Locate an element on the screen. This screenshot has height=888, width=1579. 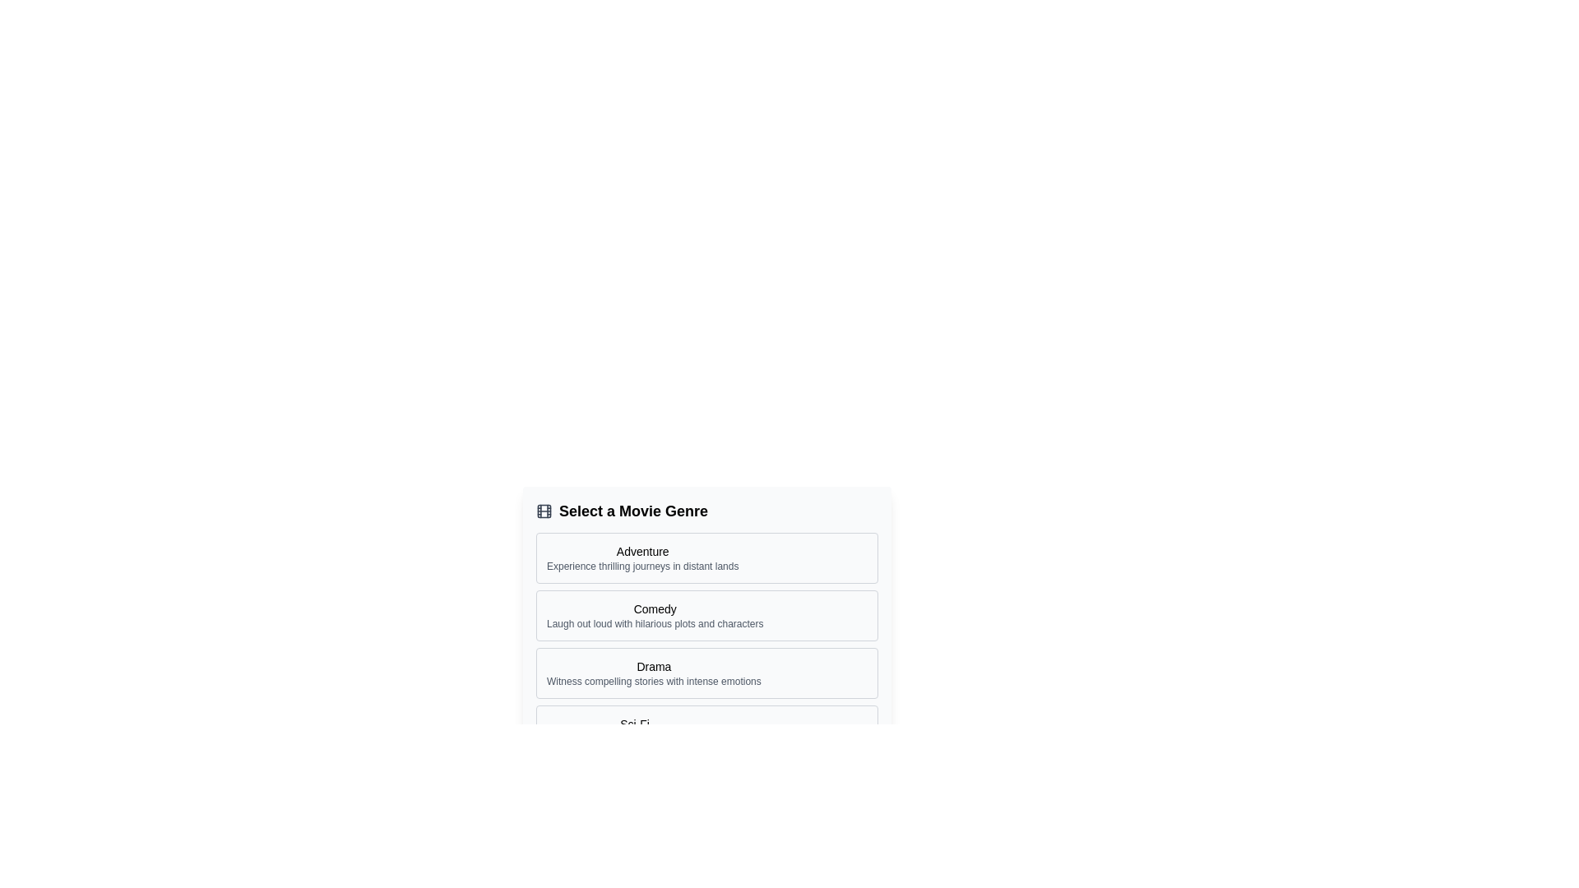
the static text element displaying 'Laugh out loud with hilarious plots and characters' located beneath the 'Comedy' header is located at coordinates (654, 624).